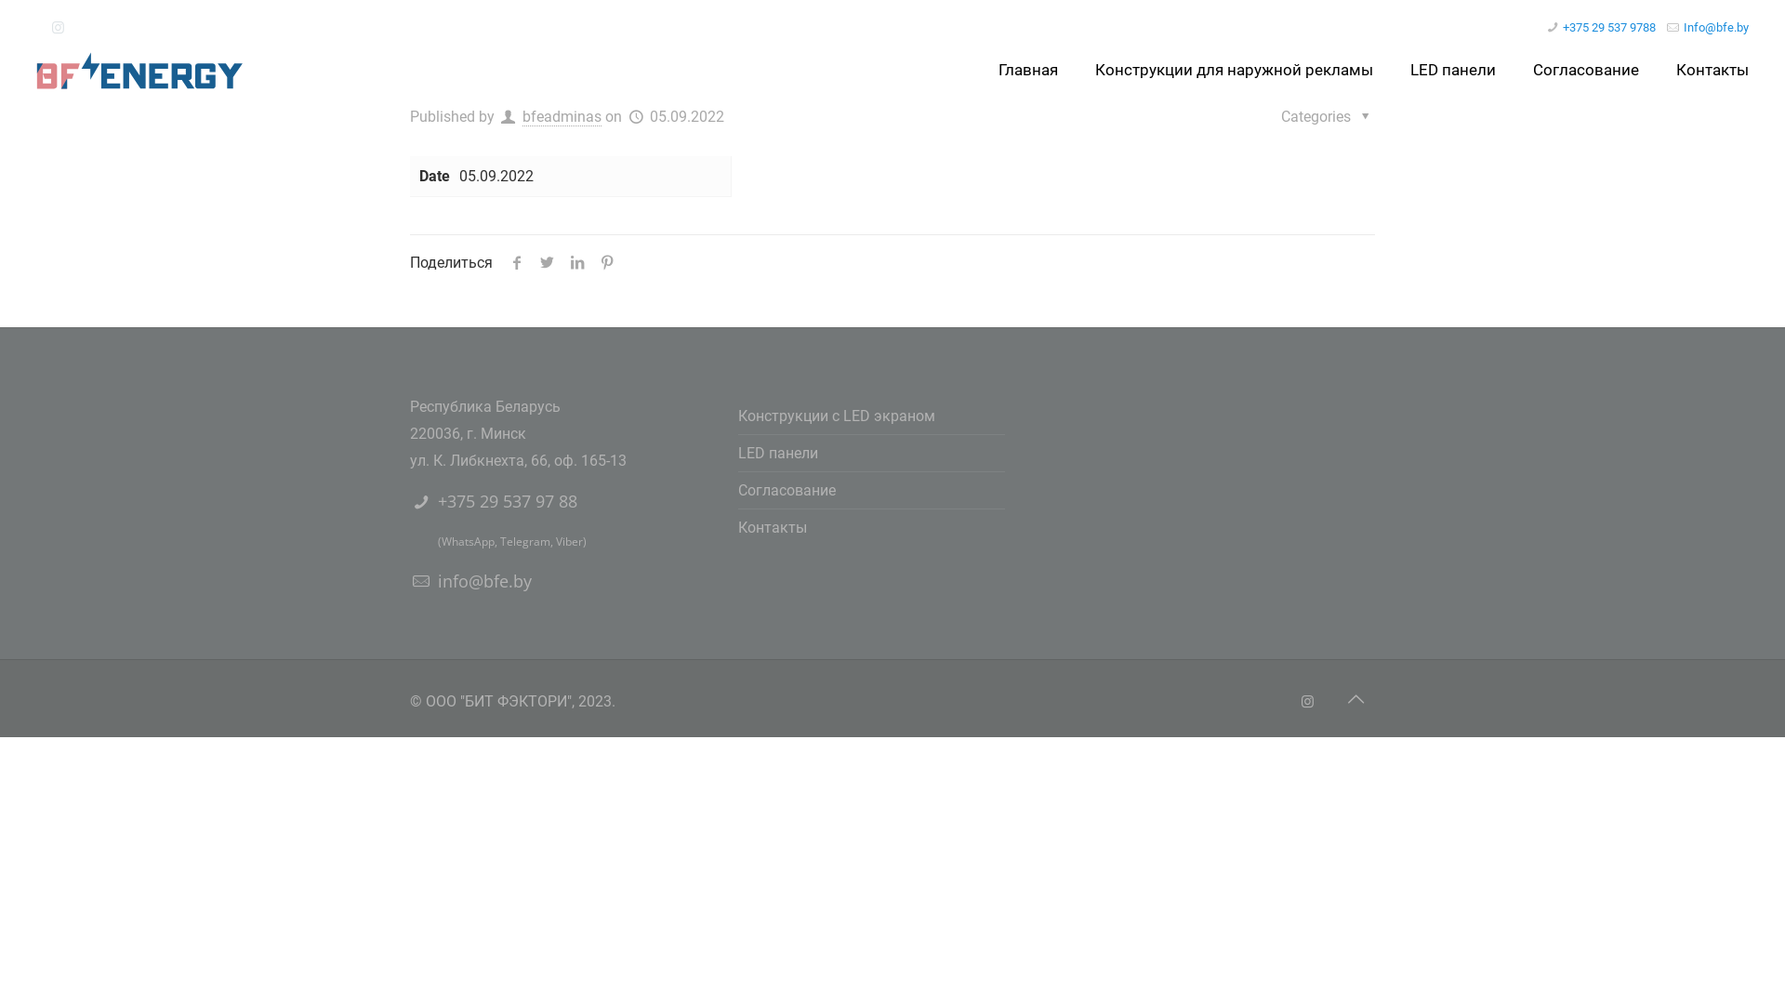 Image resolution: width=1785 pixels, height=1004 pixels. What do you see at coordinates (1715, 27) in the screenshot?
I see `'Info@bfe.by'` at bounding box center [1715, 27].